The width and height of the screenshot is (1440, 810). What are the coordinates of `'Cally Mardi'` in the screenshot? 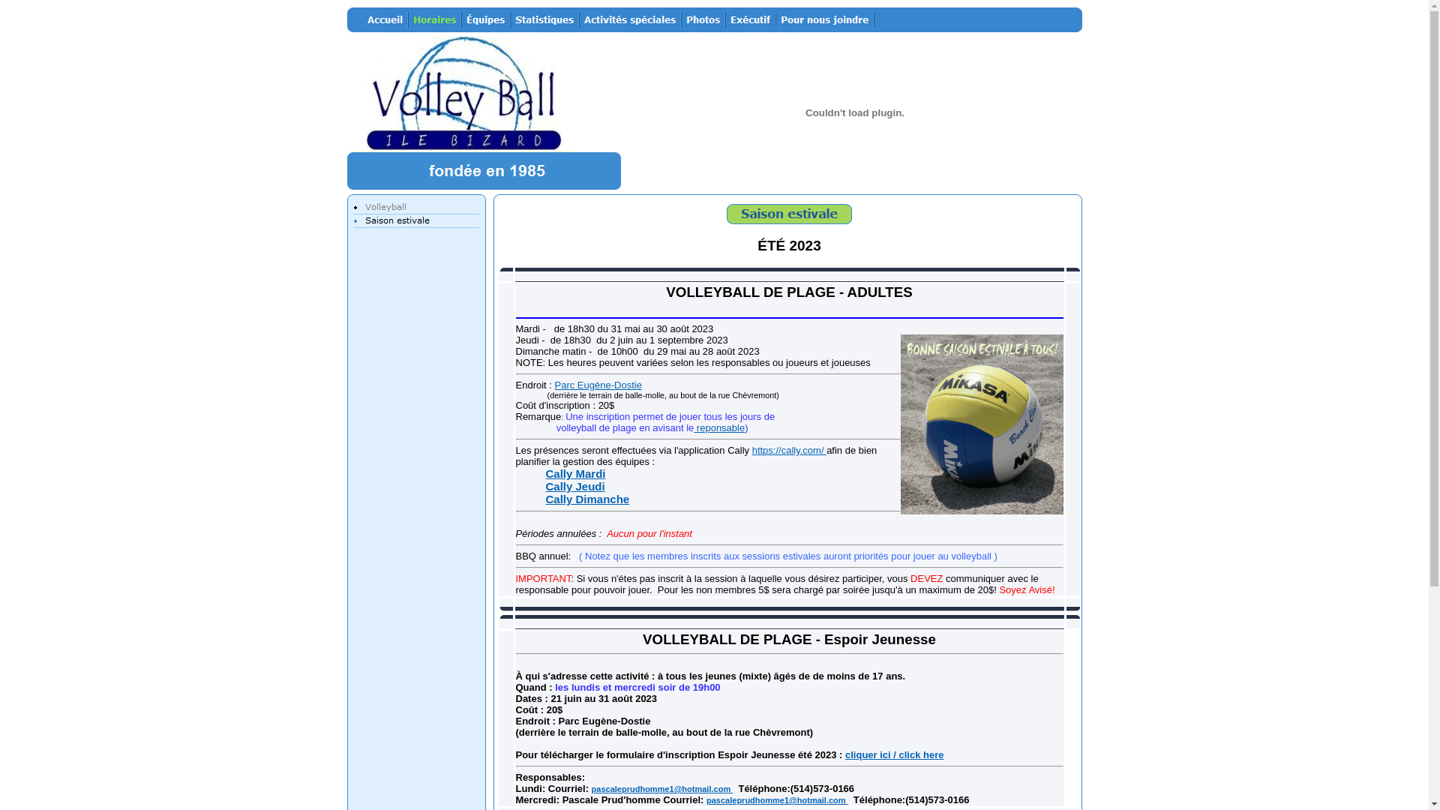 It's located at (575, 473).